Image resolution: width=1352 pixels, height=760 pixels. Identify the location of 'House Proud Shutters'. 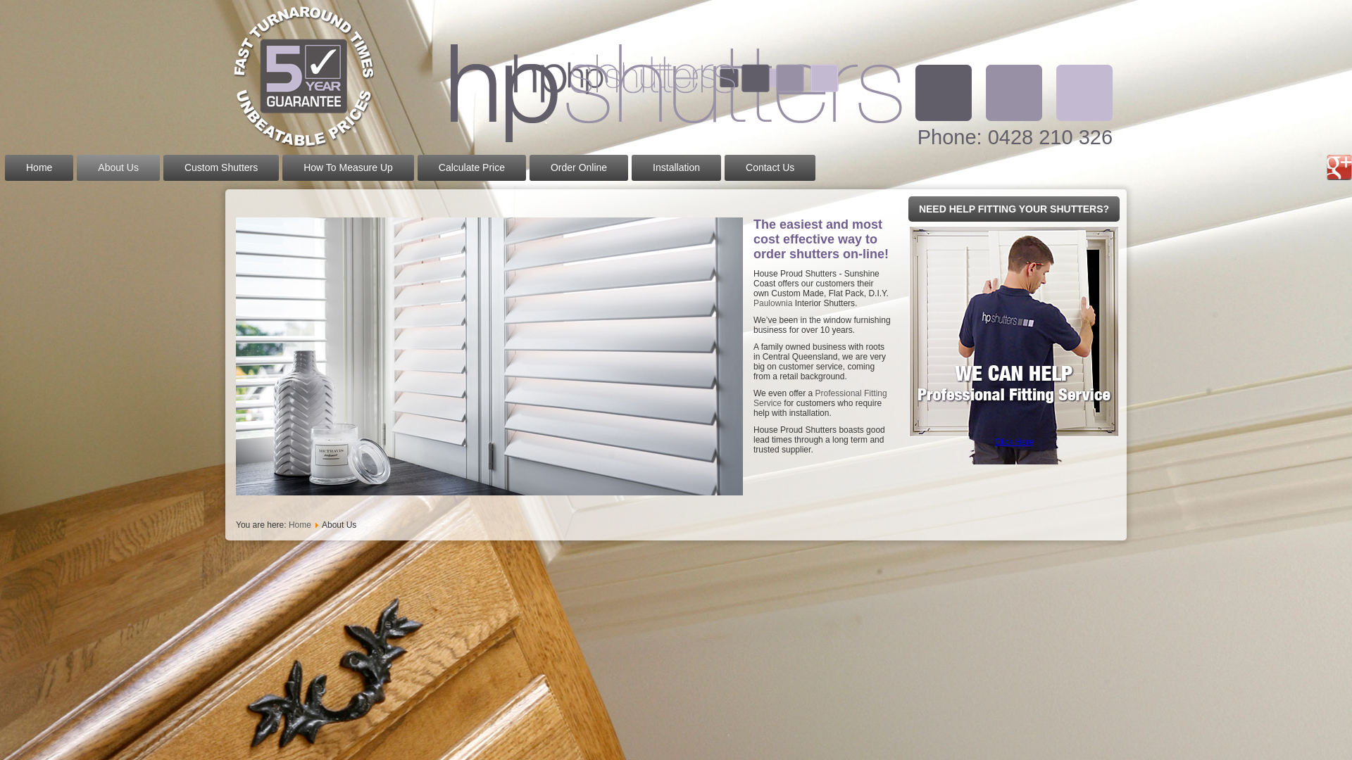
(563, 58).